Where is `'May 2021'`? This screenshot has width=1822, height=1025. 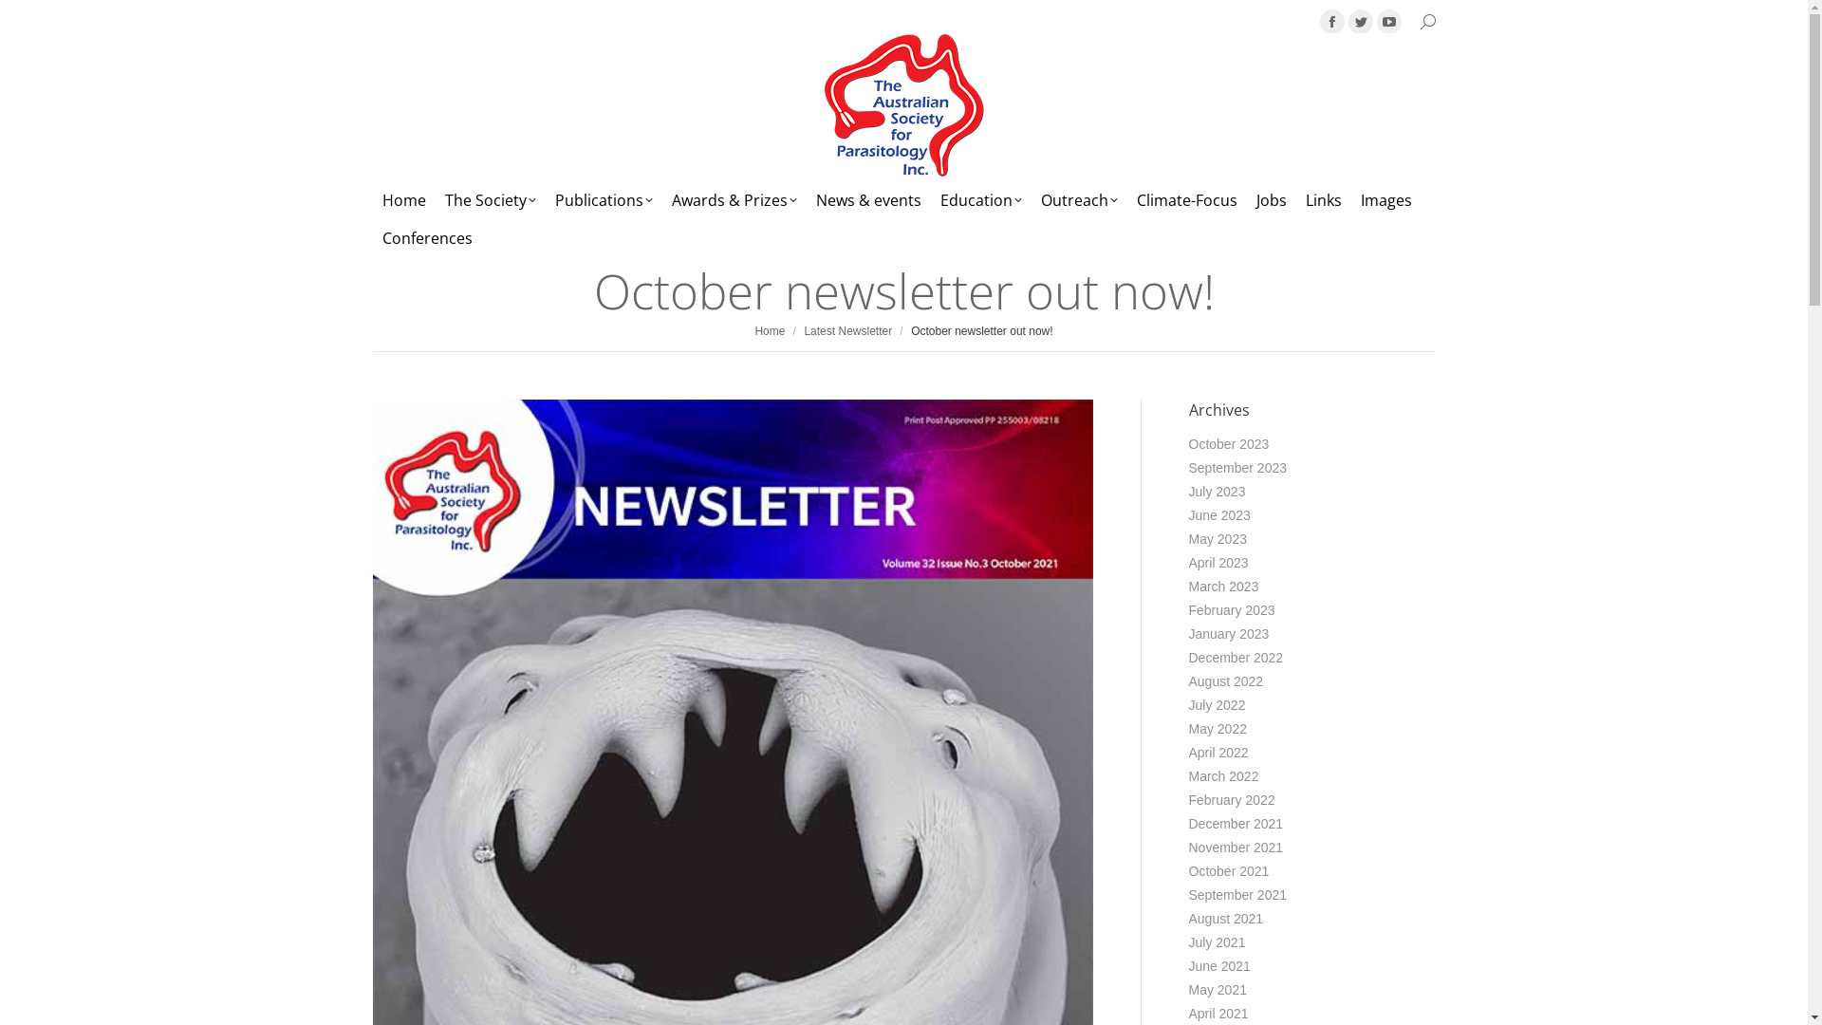 'May 2021' is located at coordinates (1217, 988).